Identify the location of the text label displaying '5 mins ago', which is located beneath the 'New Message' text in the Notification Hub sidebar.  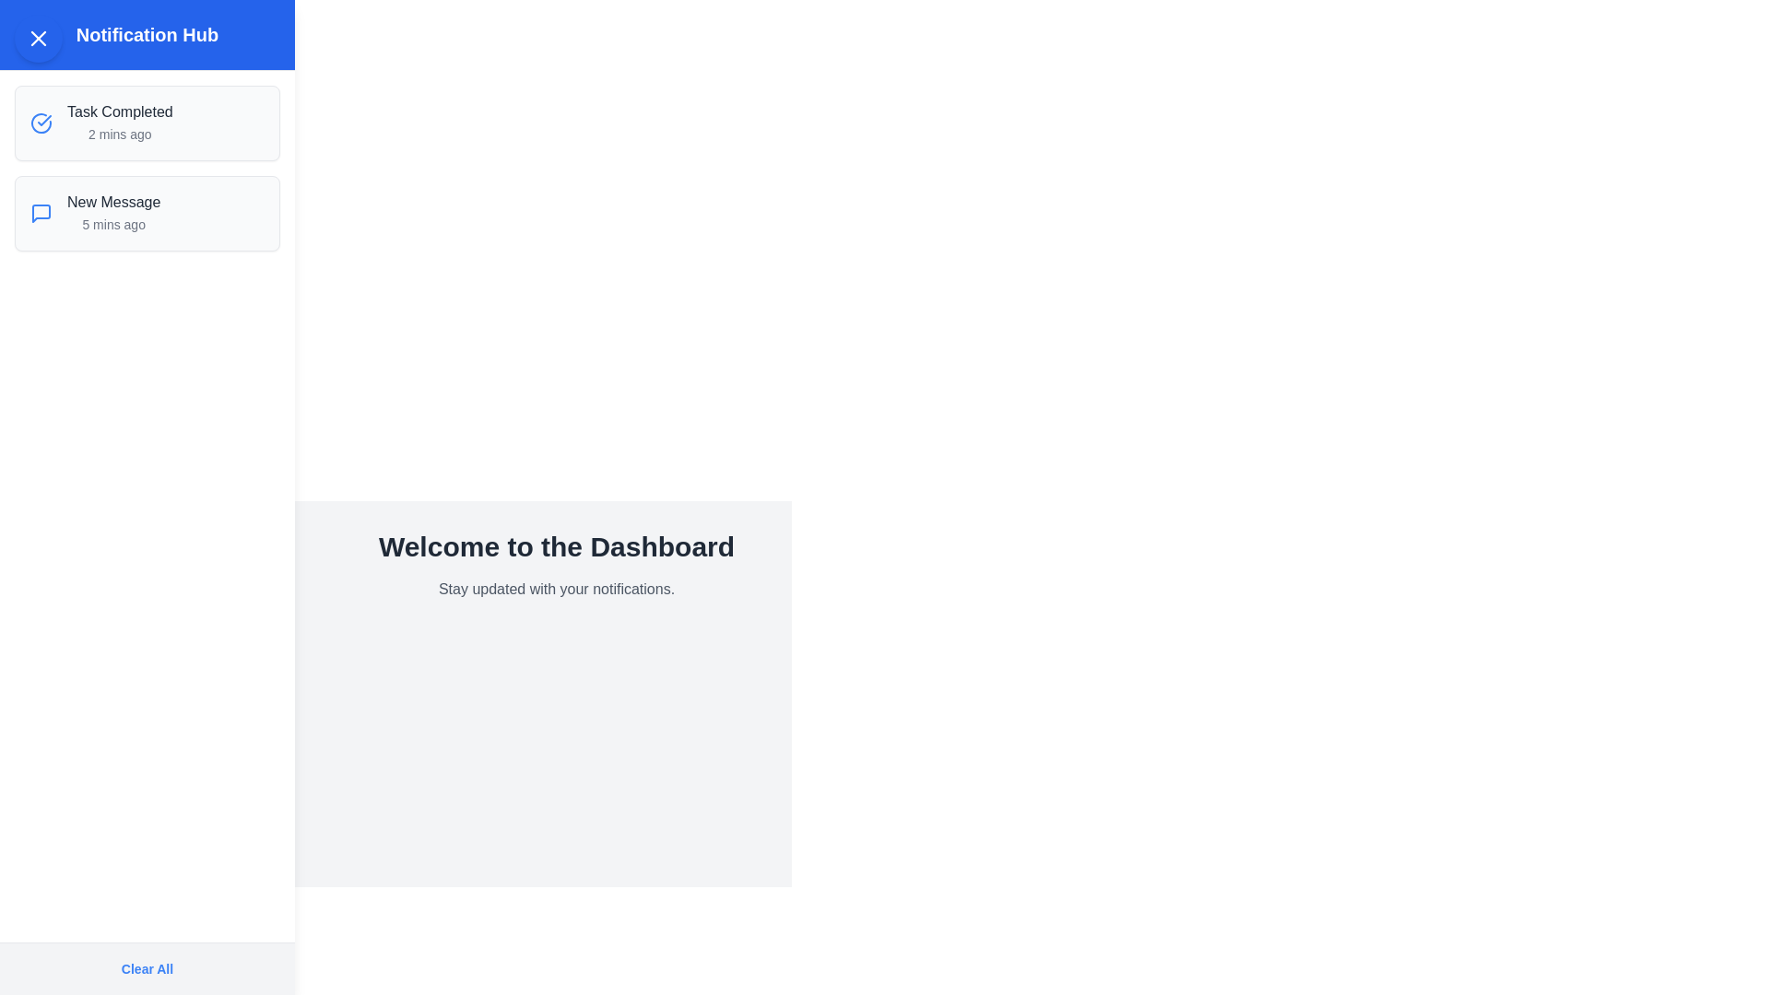
(112, 223).